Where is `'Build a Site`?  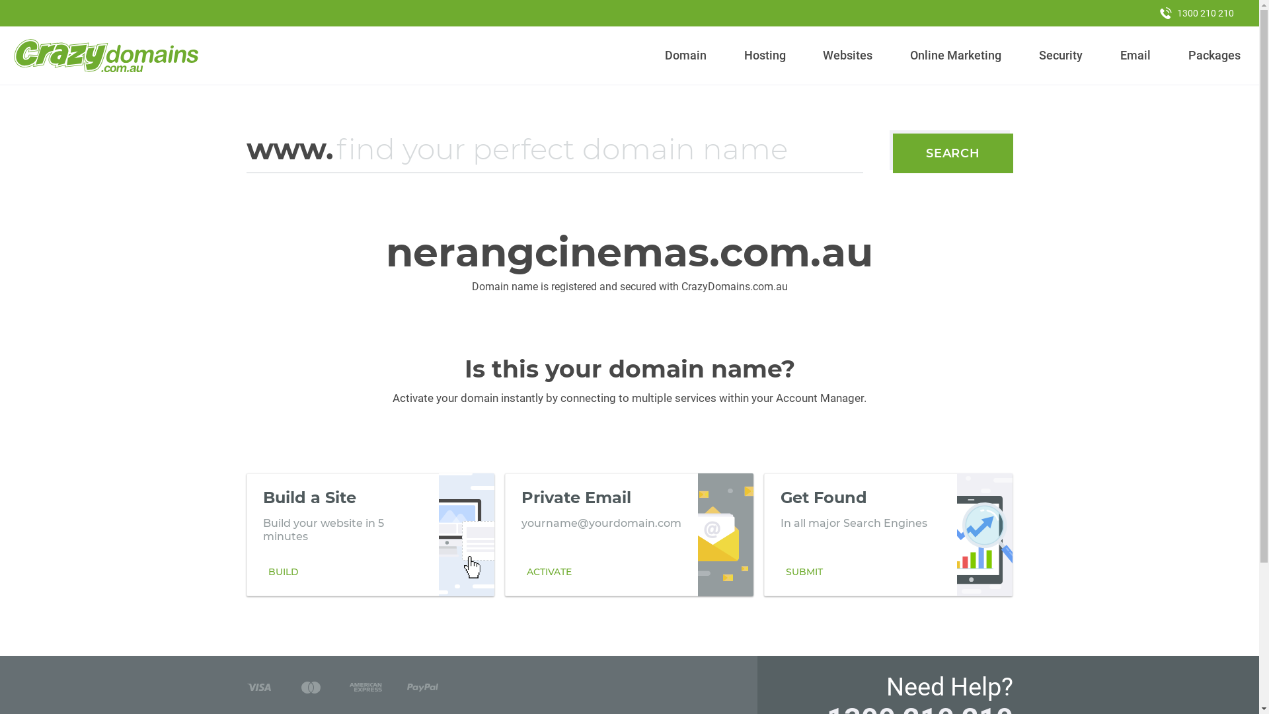
'Build a Site is located at coordinates (370, 534).